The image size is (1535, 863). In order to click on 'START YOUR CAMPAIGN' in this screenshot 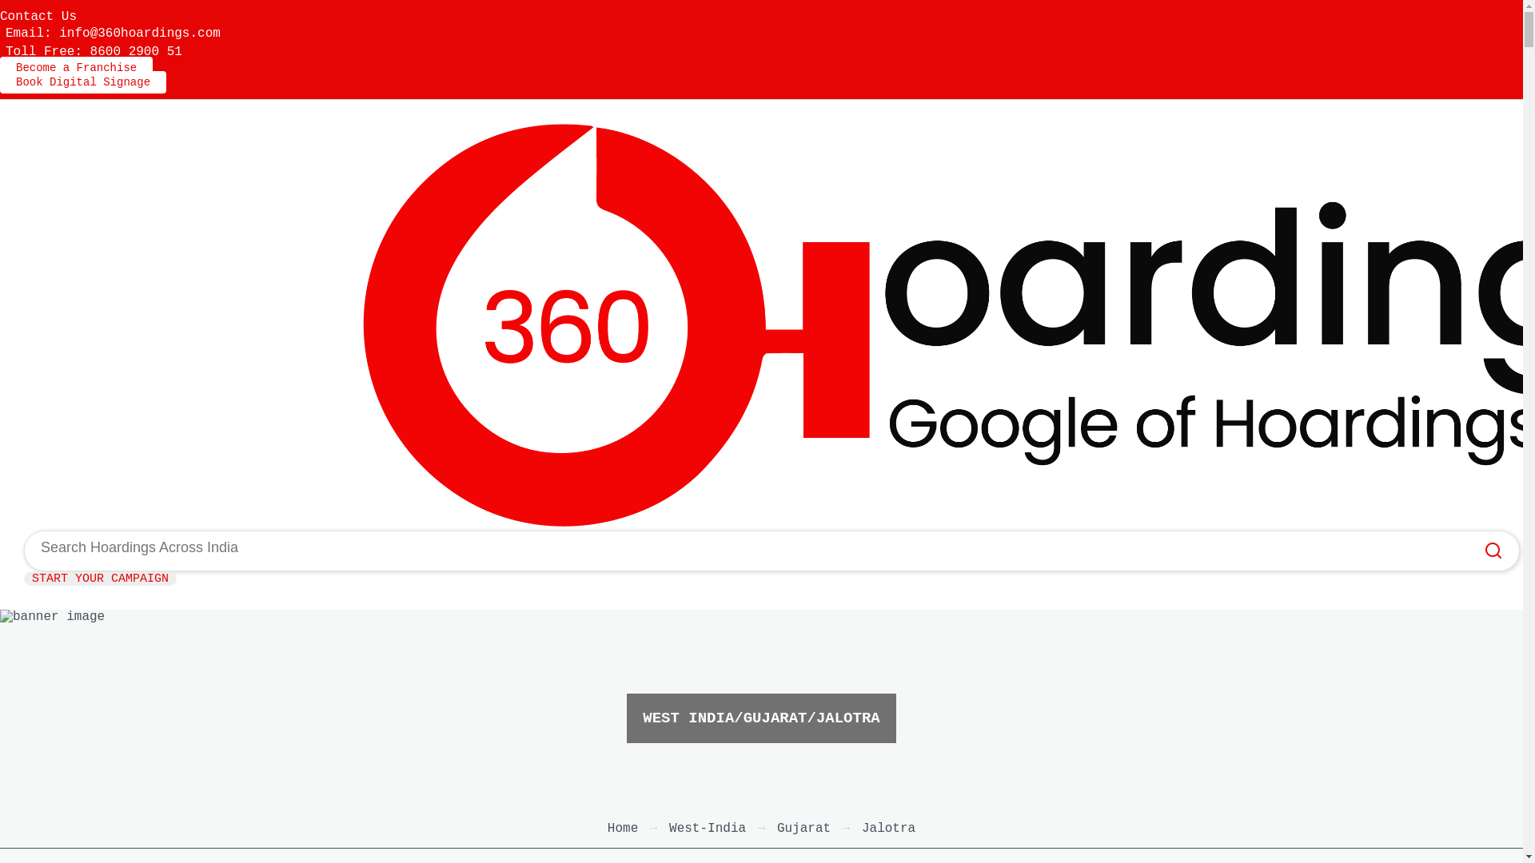, I will do `click(99, 579)`.